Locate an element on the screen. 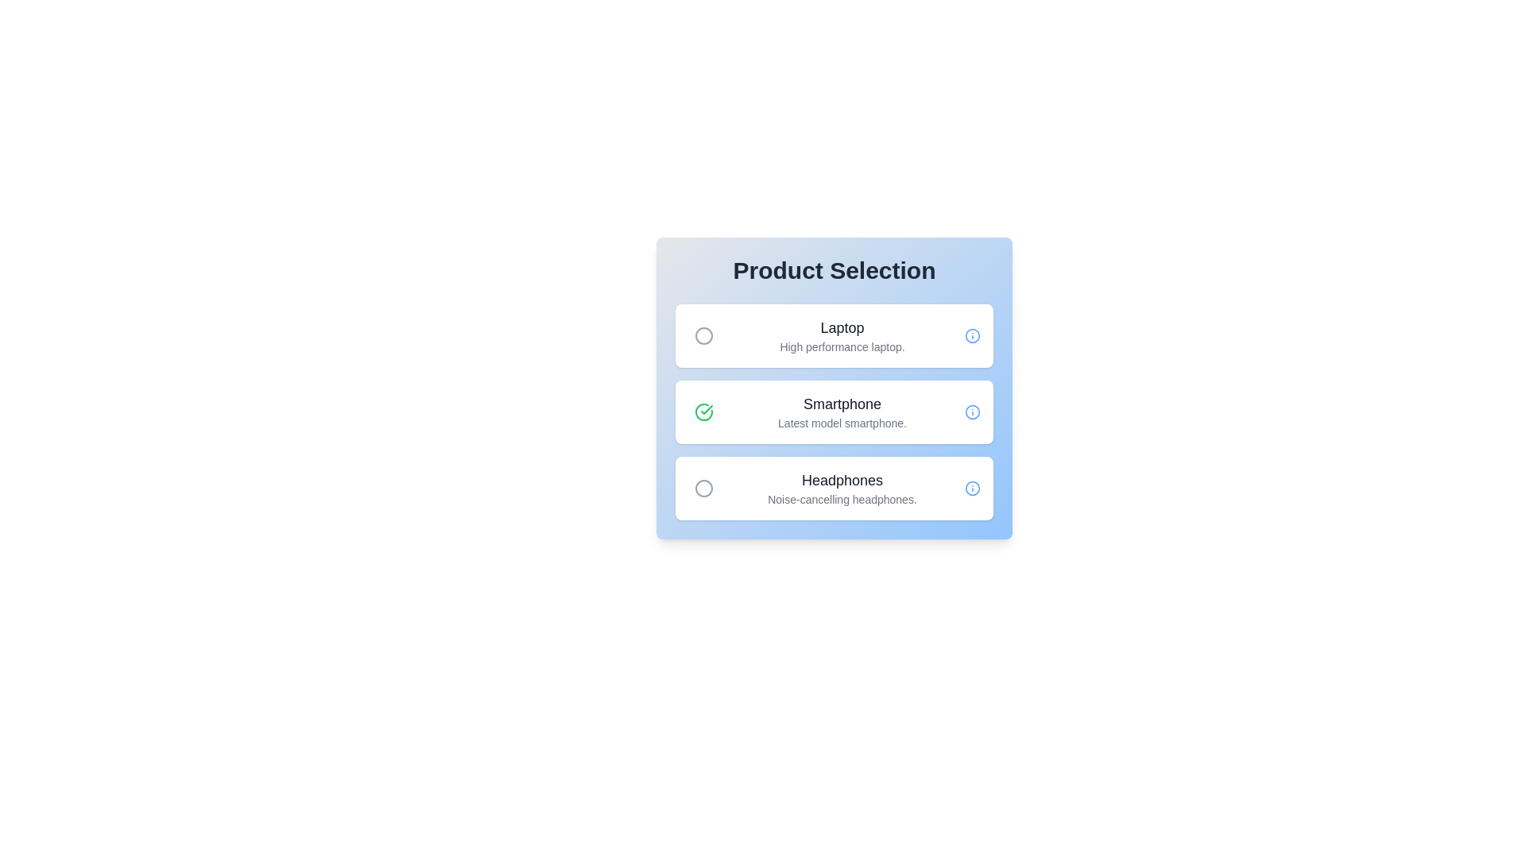  the 'info' icon to view details of the product Smartphone is located at coordinates (972, 412).